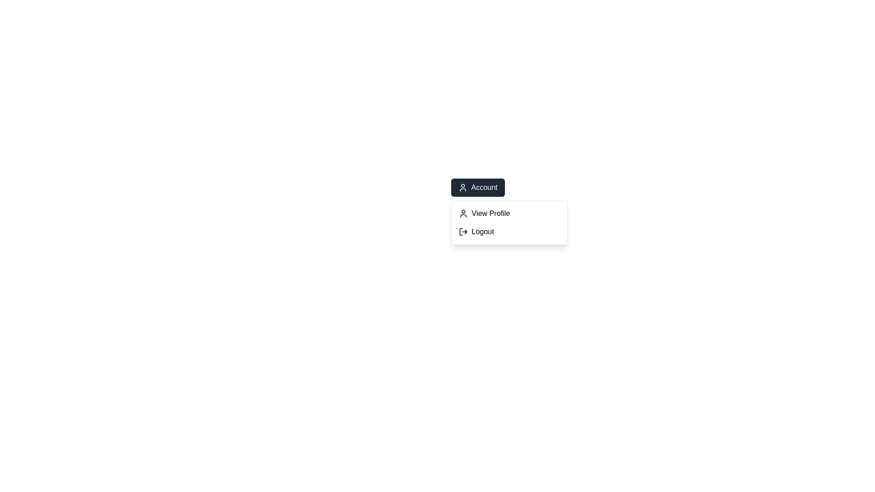 The width and height of the screenshot is (875, 492). I want to click on the 'Logout' menu option, which is the second item in the user account actions dropdown menu, to log out, so click(509, 231).